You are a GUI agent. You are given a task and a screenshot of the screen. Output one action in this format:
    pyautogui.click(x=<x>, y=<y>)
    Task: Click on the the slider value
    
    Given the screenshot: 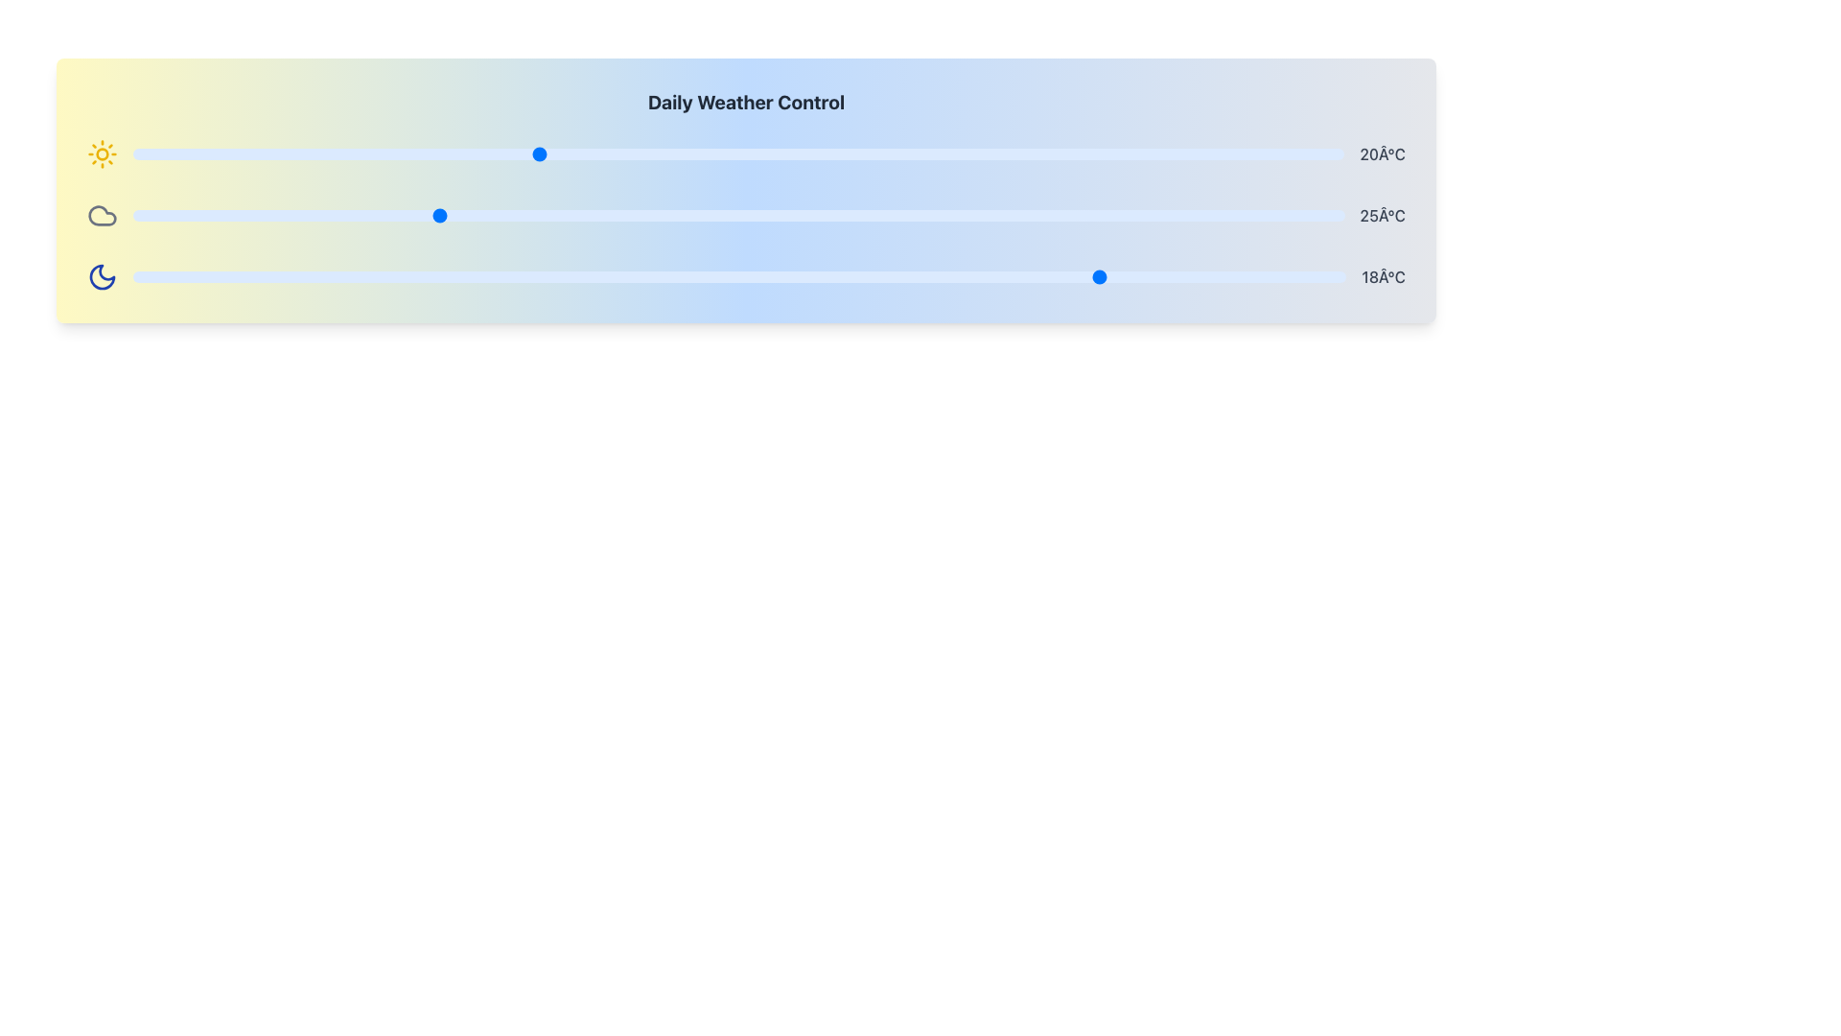 What is the action you would take?
    pyautogui.click(x=1102, y=215)
    